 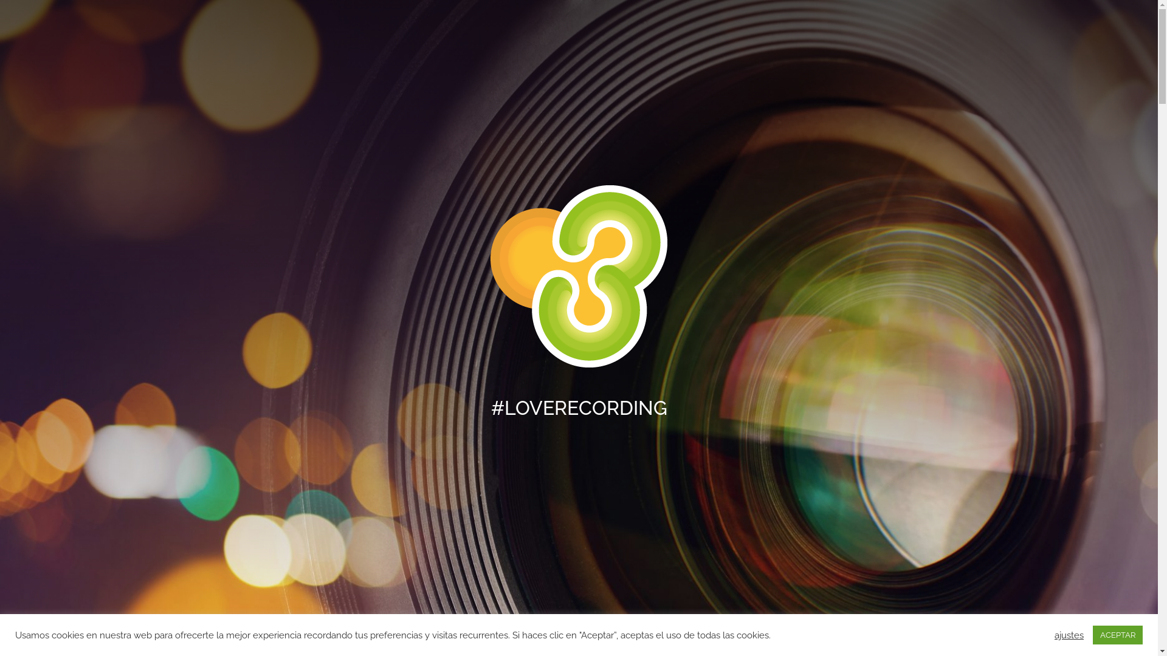 I want to click on 'ACEPTAR', so click(x=1117, y=634).